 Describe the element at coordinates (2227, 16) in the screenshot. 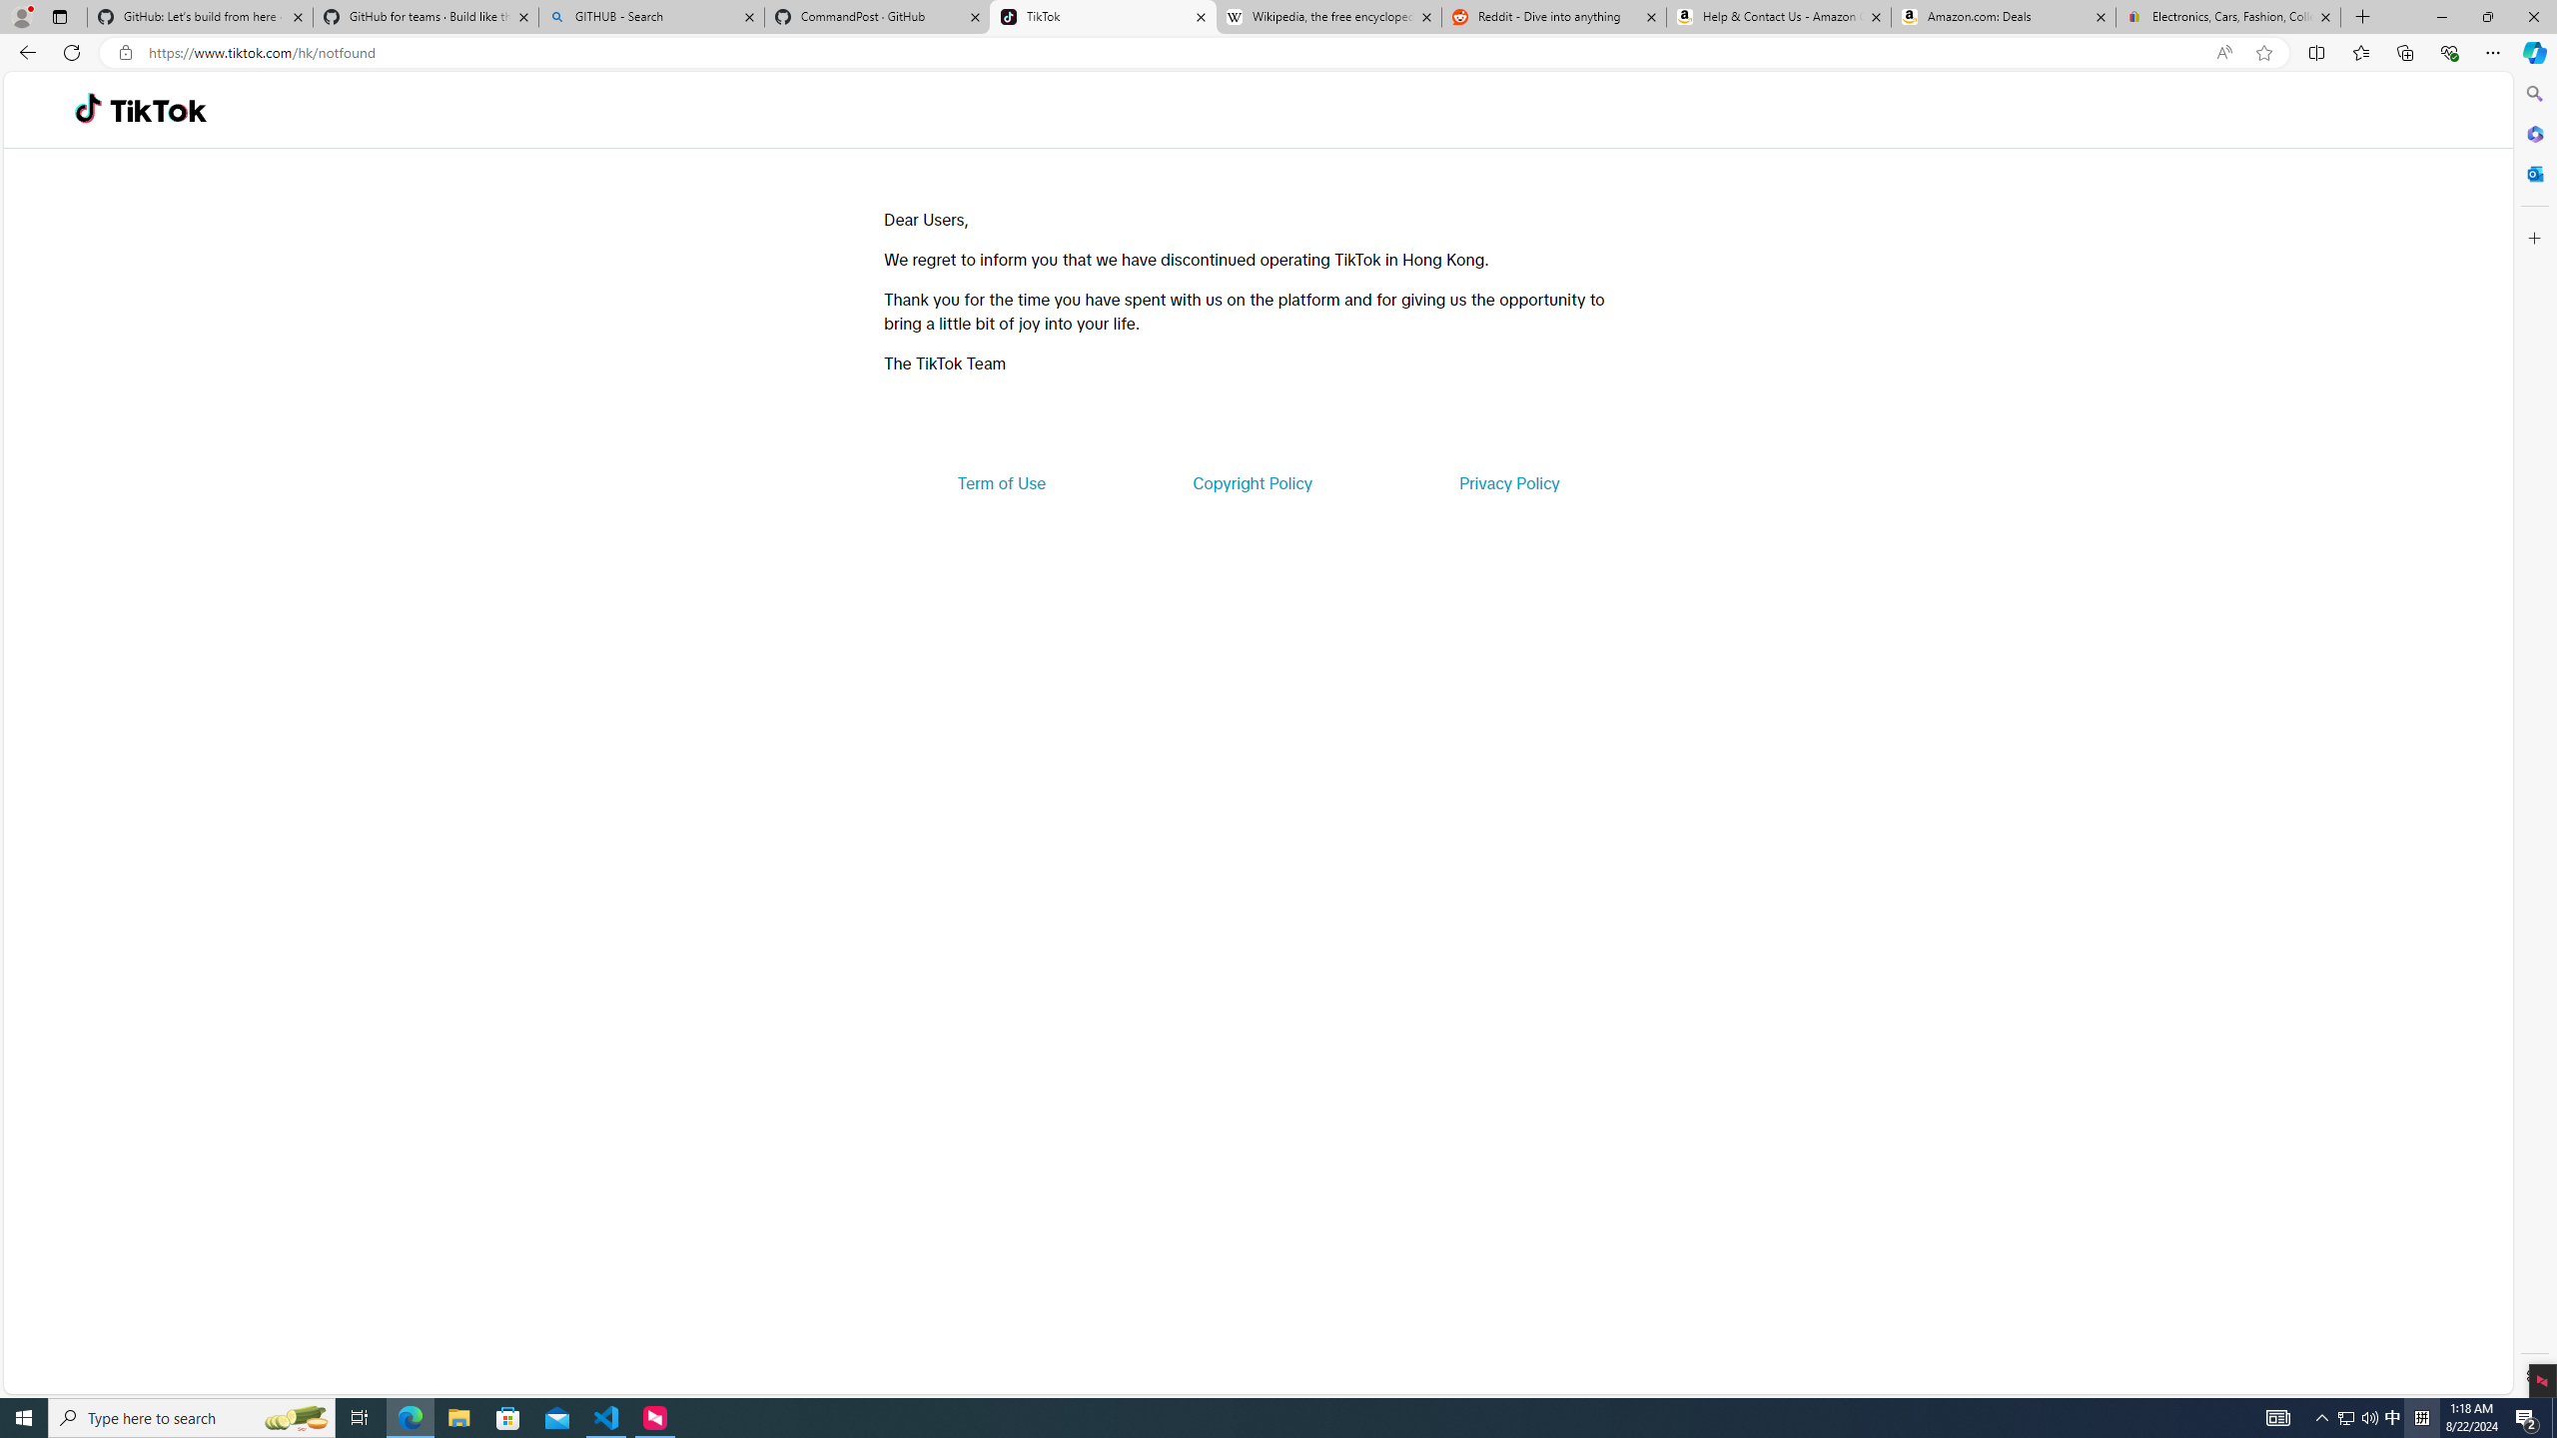

I see `'Electronics, Cars, Fashion, Collectibles & More | eBay'` at that location.